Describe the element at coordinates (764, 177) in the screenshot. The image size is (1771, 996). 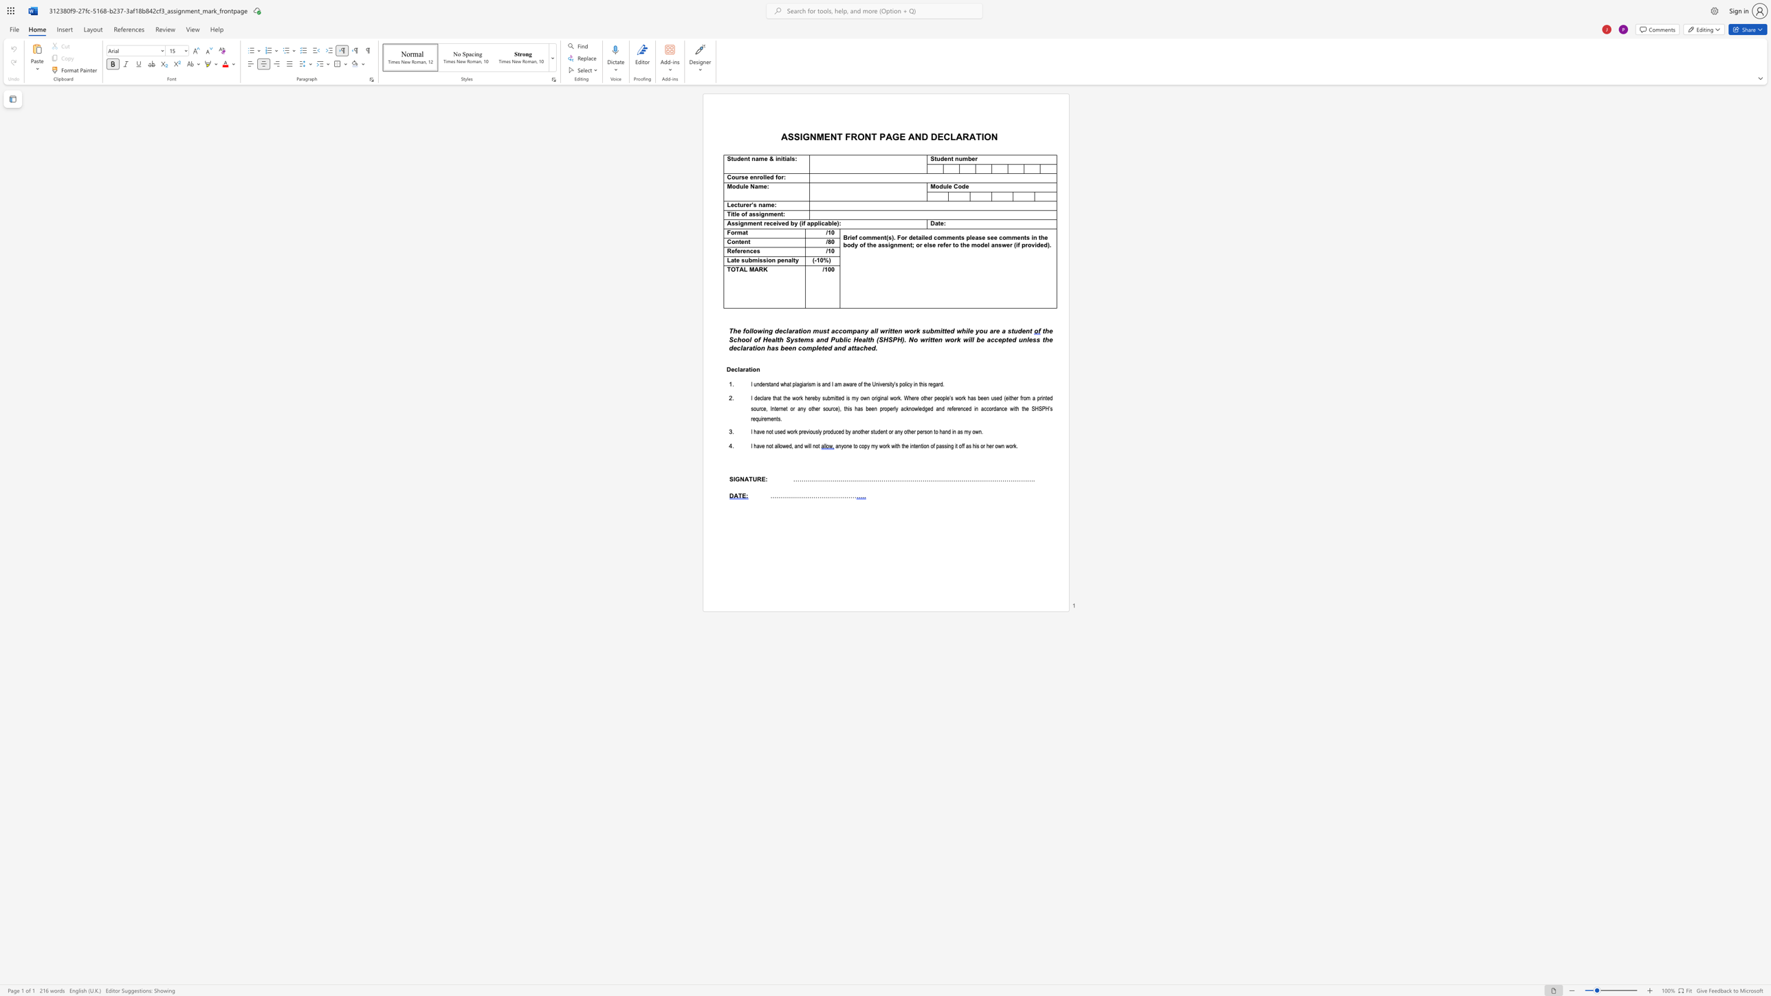
I see `the subset text "led for" within the text "Course enrolled for:"` at that location.